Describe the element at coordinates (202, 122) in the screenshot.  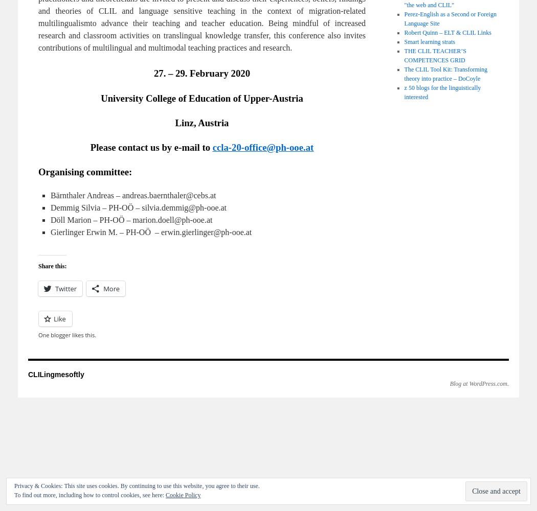
I see `'Linz, Austria'` at that location.